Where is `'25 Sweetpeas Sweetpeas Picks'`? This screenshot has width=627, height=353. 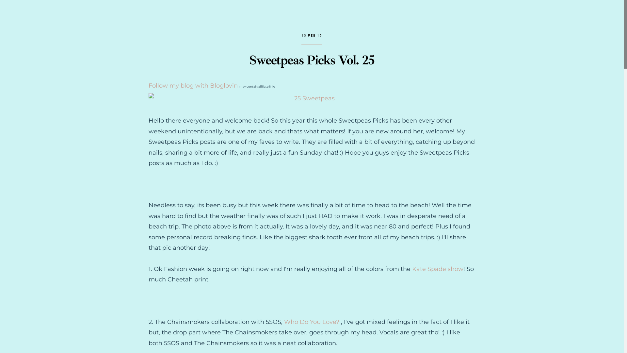 '25 Sweetpeas Sweetpeas Picks' is located at coordinates (312, 98).